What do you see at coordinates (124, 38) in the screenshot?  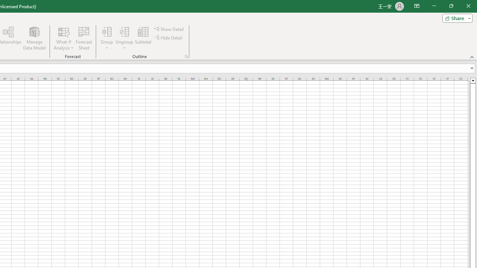 I see `'Ungroup...'` at bounding box center [124, 38].